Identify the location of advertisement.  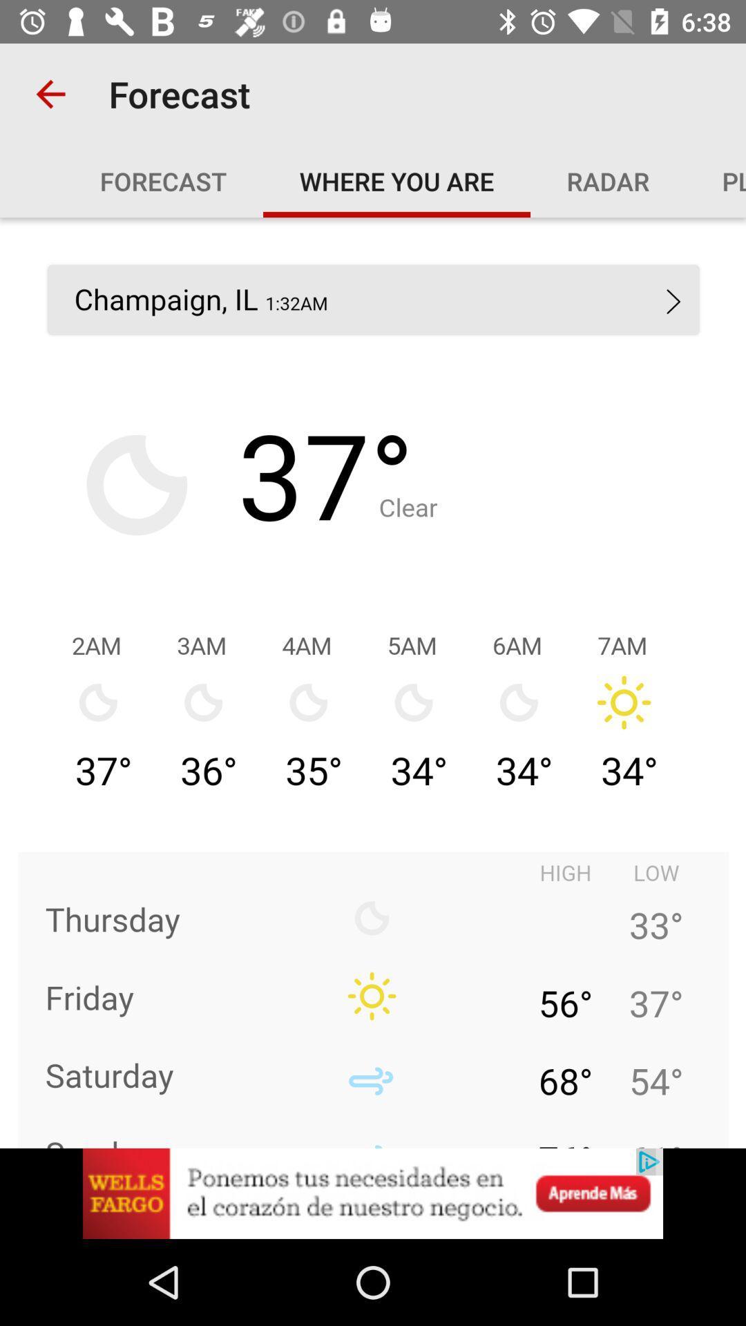
(373, 1193).